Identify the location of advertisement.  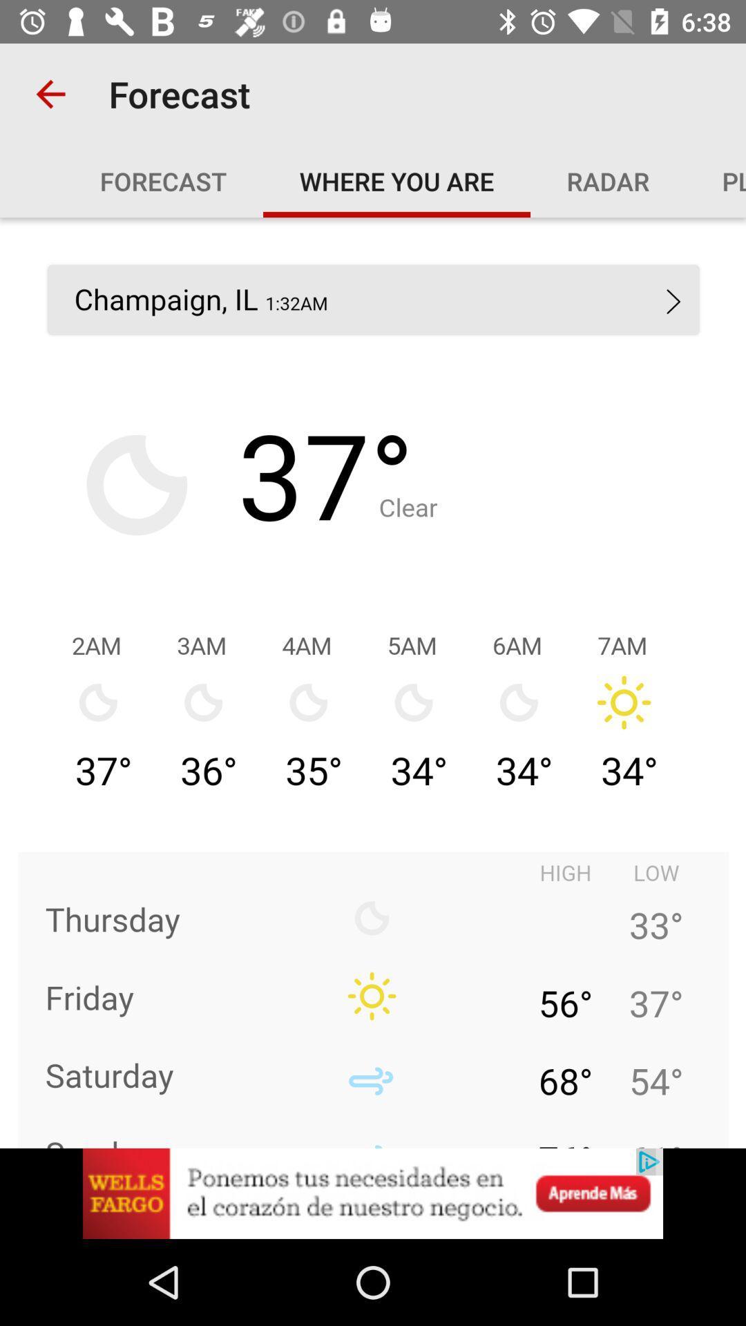
(373, 1193).